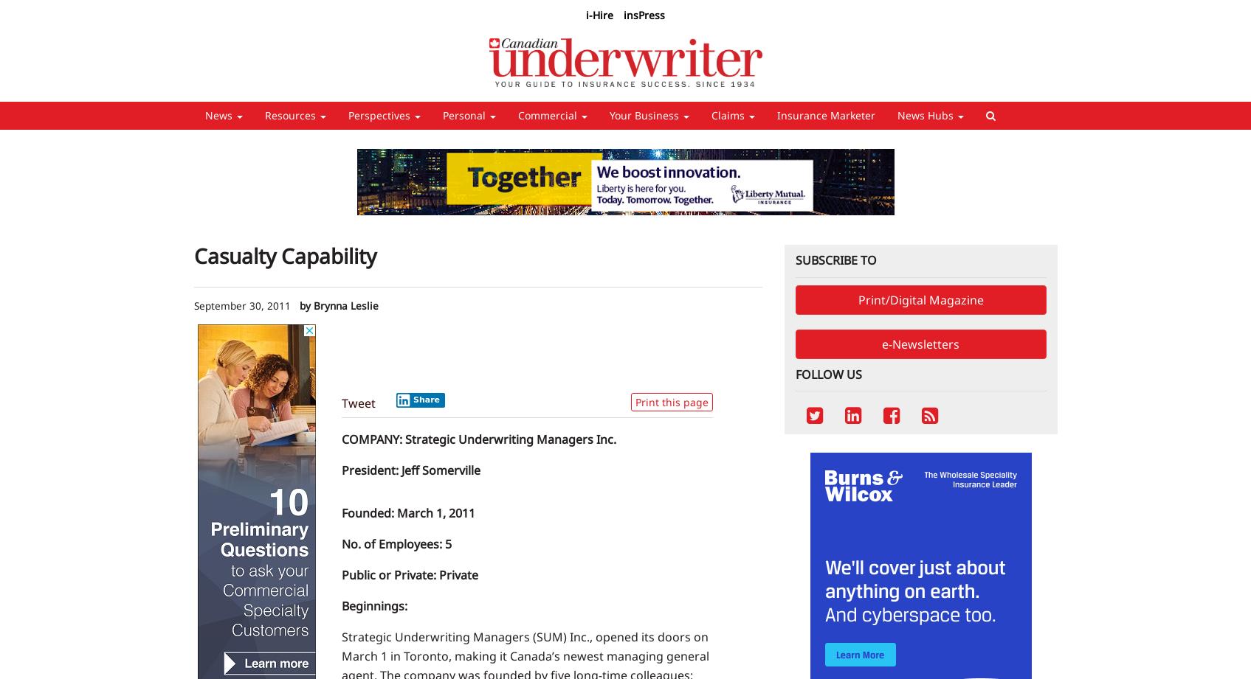  I want to click on 'Claims', so click(728, 114).